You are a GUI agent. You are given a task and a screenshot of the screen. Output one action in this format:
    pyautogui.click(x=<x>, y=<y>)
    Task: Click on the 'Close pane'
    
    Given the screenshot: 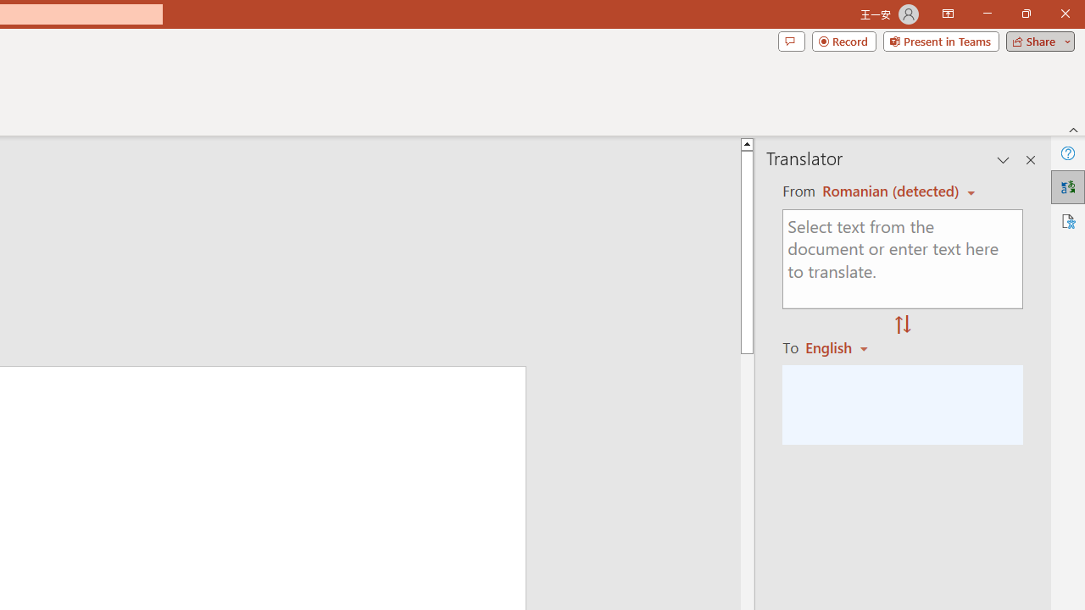 What is the action you would take?
    pyautogui.click(x=1030, y=160)
    